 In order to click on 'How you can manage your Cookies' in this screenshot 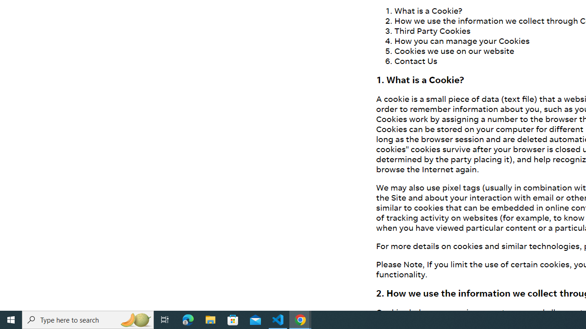, I will do `click(462, 40)`.